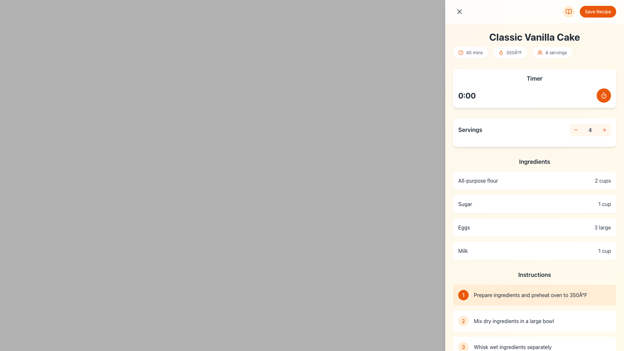 The image size is (624, 351). What do you see at coordinates (589, 11) in the screenshot?
I see `the 'Save Recipe' button located in the top-right corner of the view, which has a vibrant orange background and contains the text 'Save Recipe' in white` at bounding box center [589, 11].